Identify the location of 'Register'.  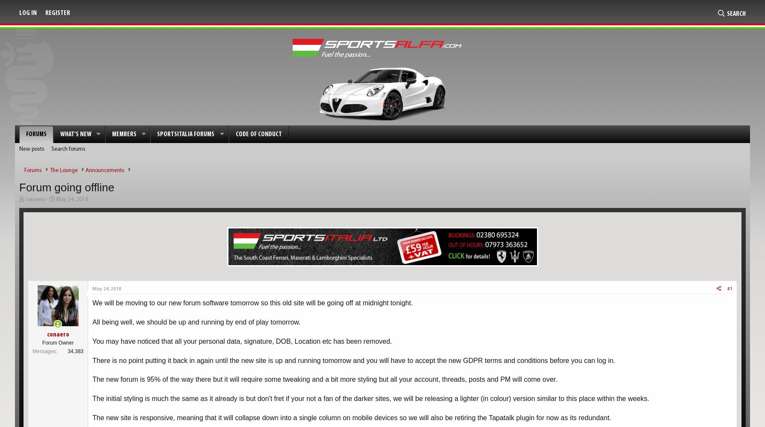
(45, 13).